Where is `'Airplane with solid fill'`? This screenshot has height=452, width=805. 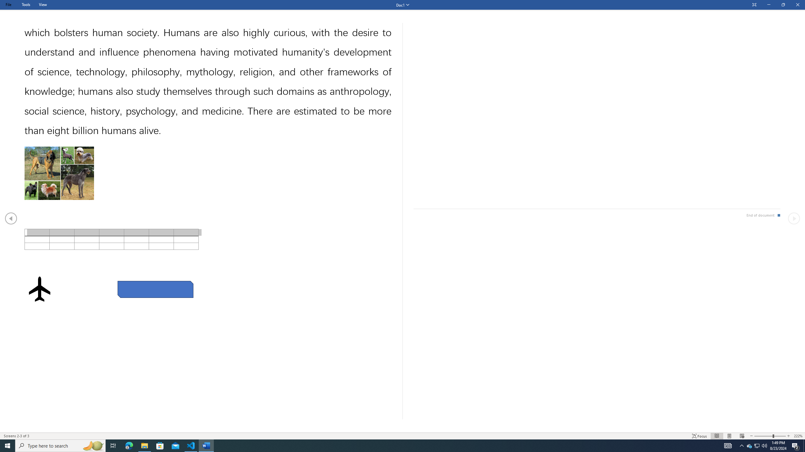 'Airplane with solid fill' is located at coordinates (39, 288).